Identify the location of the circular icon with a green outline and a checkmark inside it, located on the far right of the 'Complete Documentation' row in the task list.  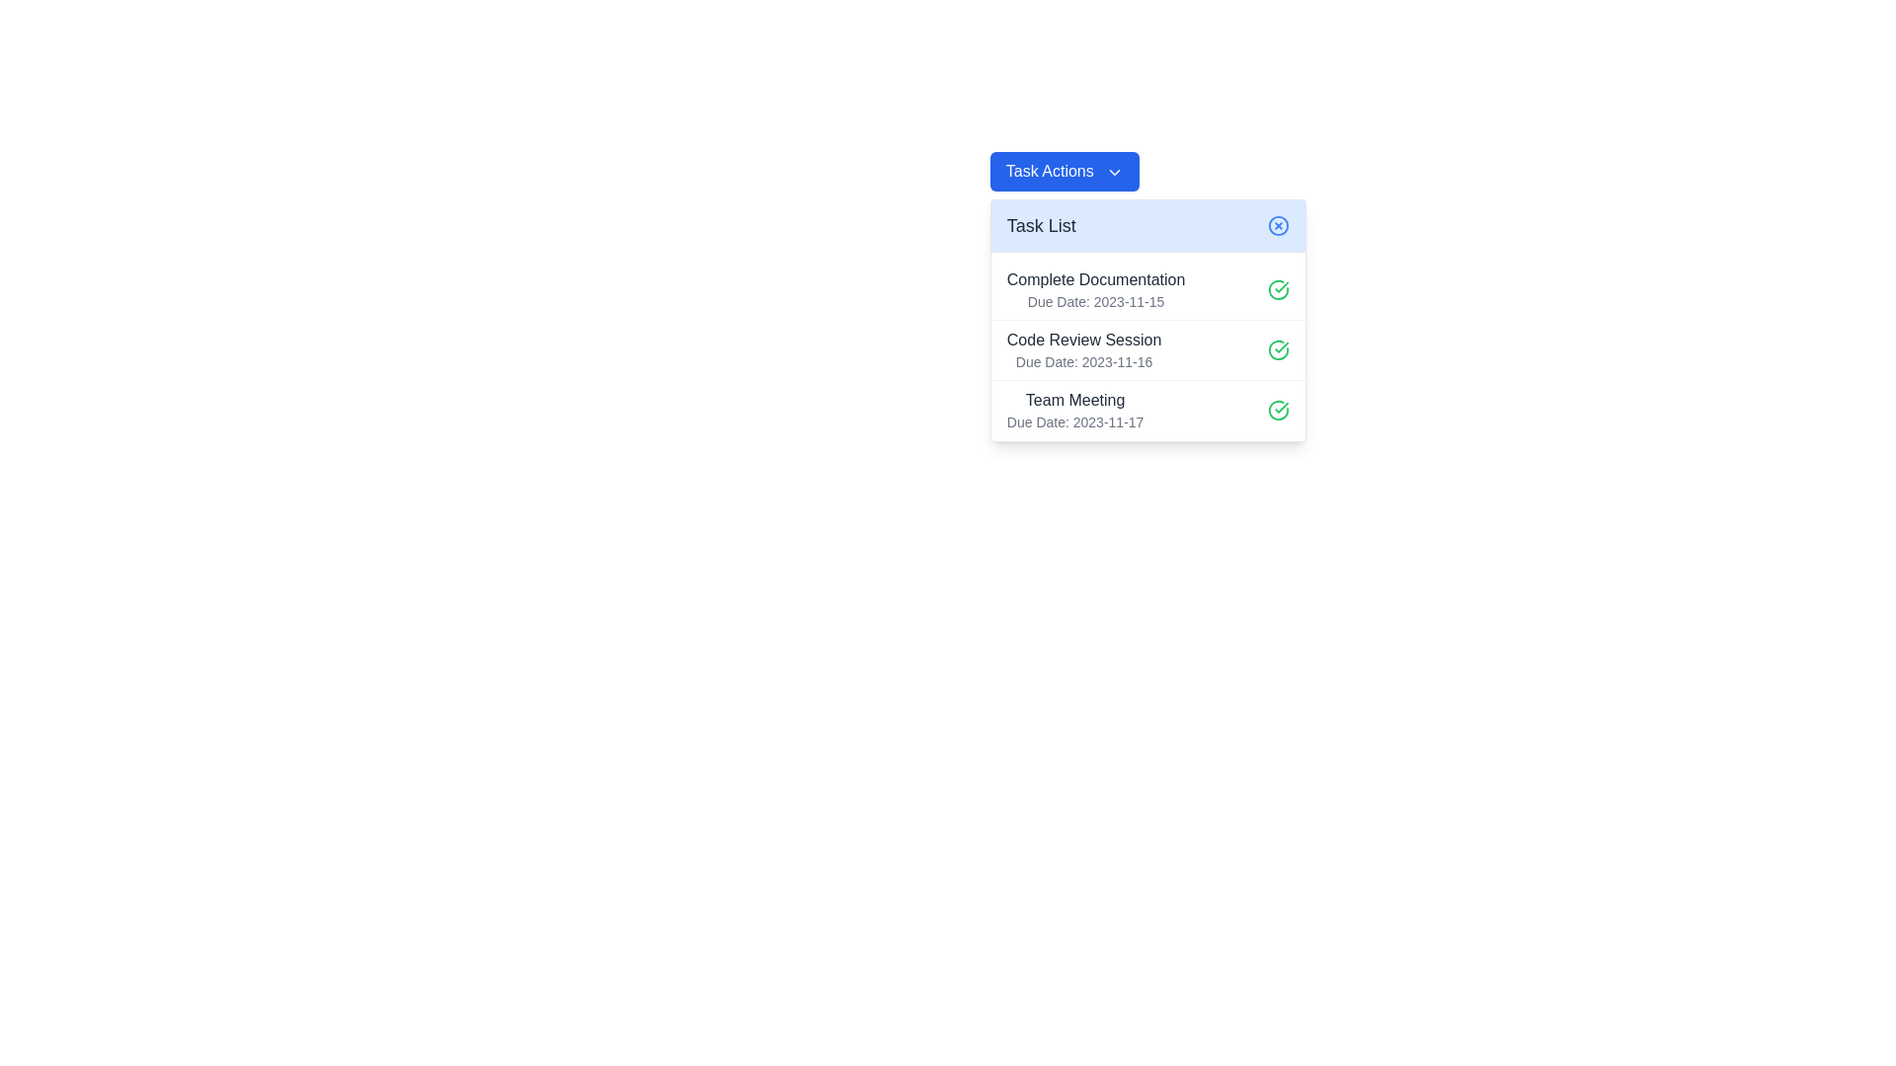
(1278, 289).